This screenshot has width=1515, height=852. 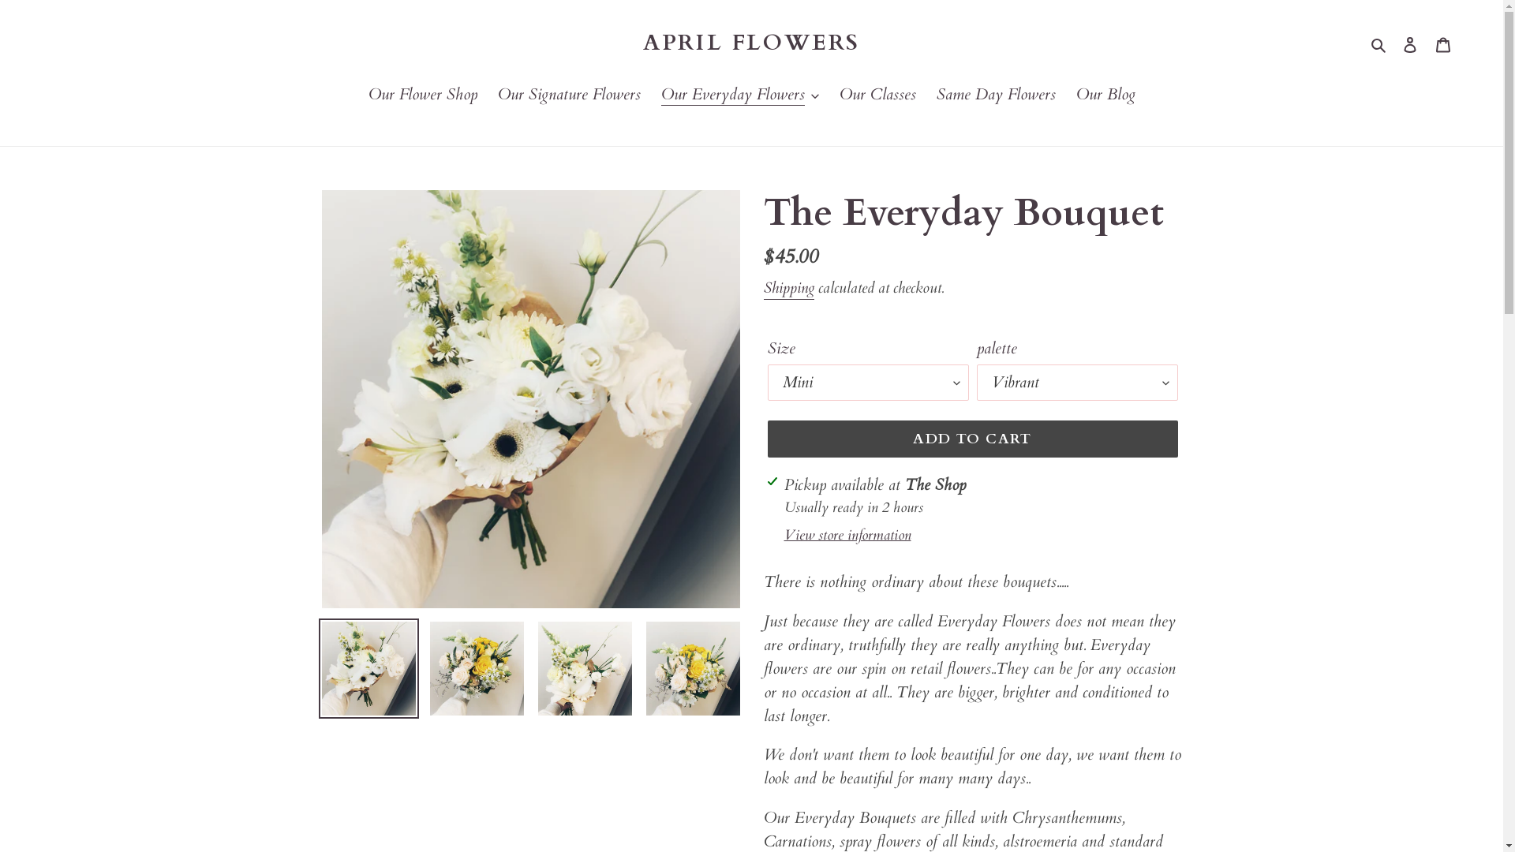 I want to click on 'Same Day Flowers', so click(x=994, y=95).